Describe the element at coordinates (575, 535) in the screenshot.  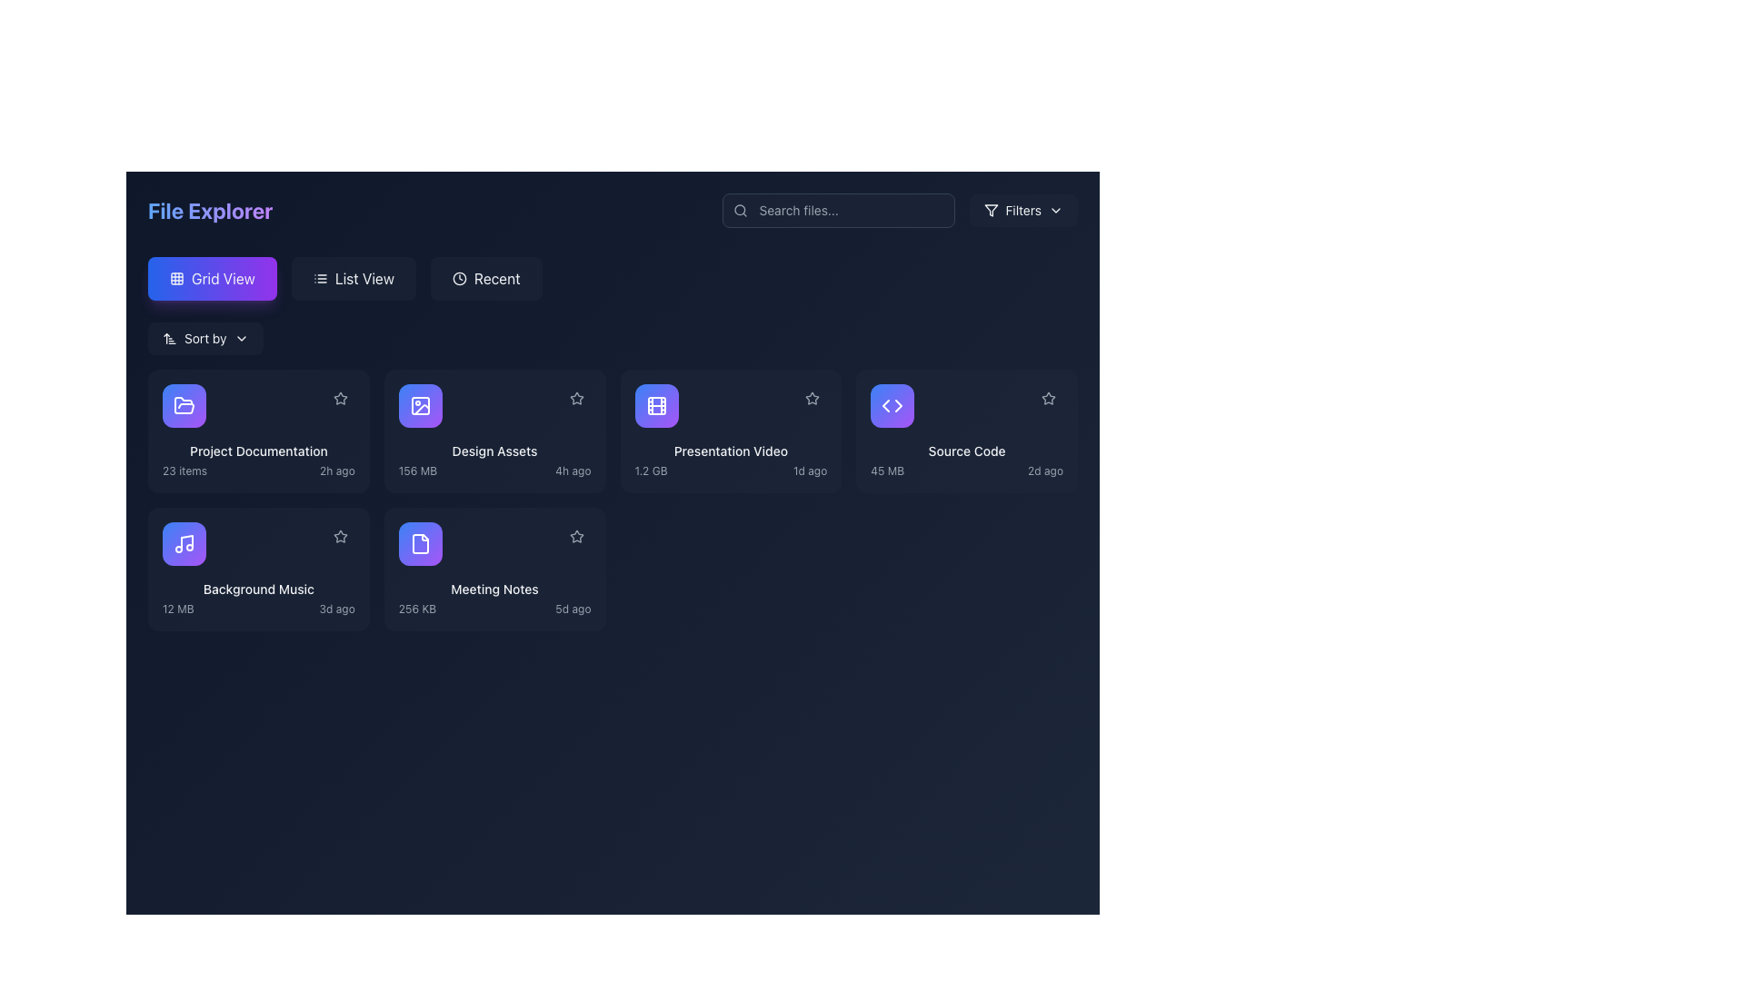
I see `the star icon located in the upper right corner of the 'Design Assets' file card` at that location.